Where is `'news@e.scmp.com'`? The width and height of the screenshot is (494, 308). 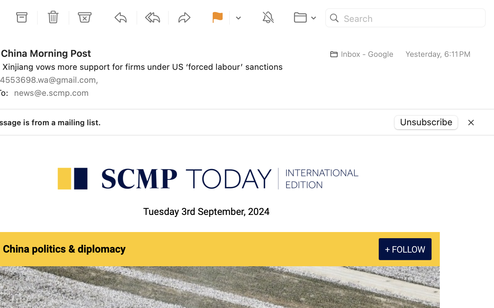 'news@e.scmp.com' is located at coordinates (53, 92).